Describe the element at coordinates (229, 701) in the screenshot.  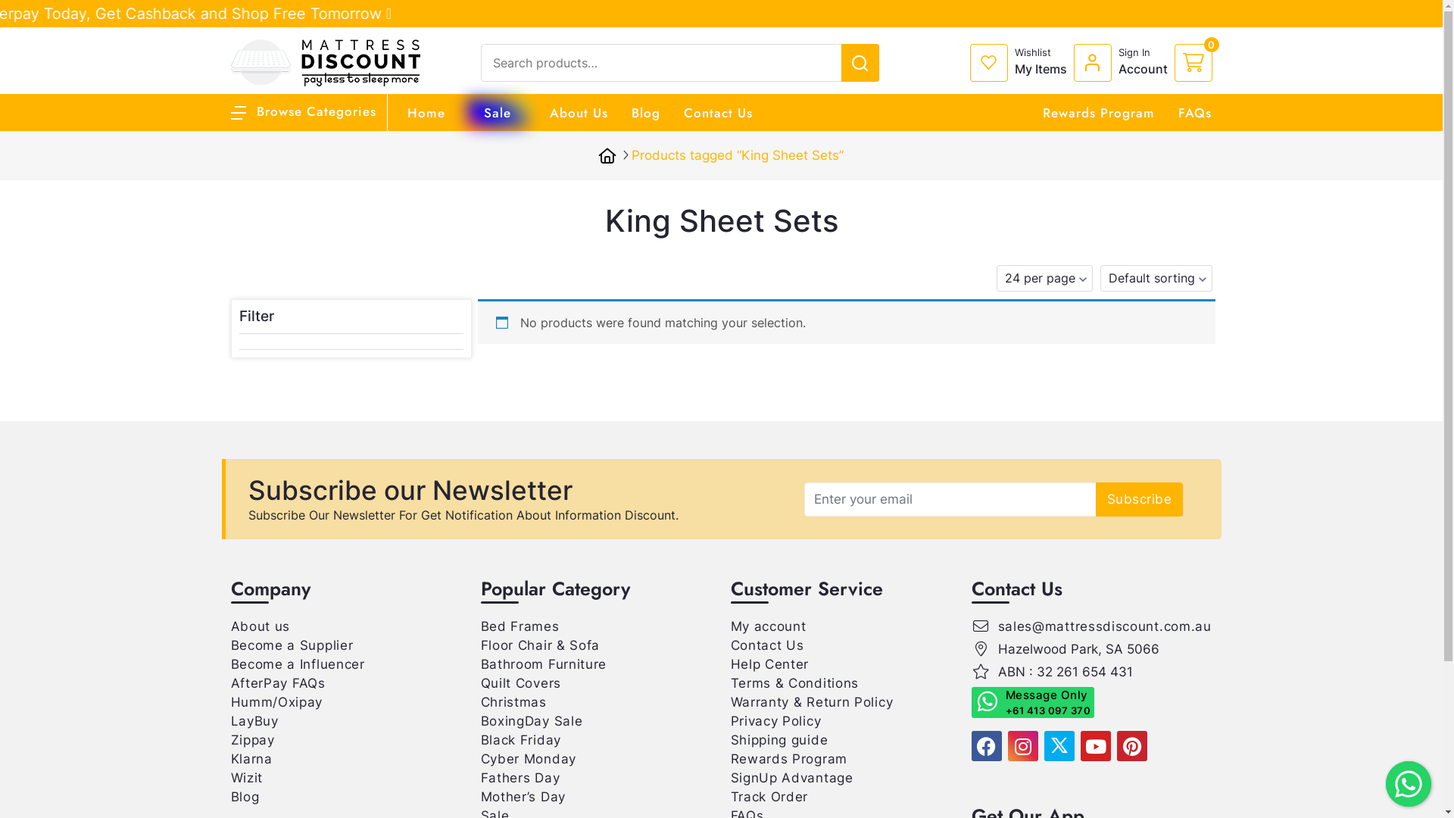
I see `'Humm/Oxipay'` at that location.